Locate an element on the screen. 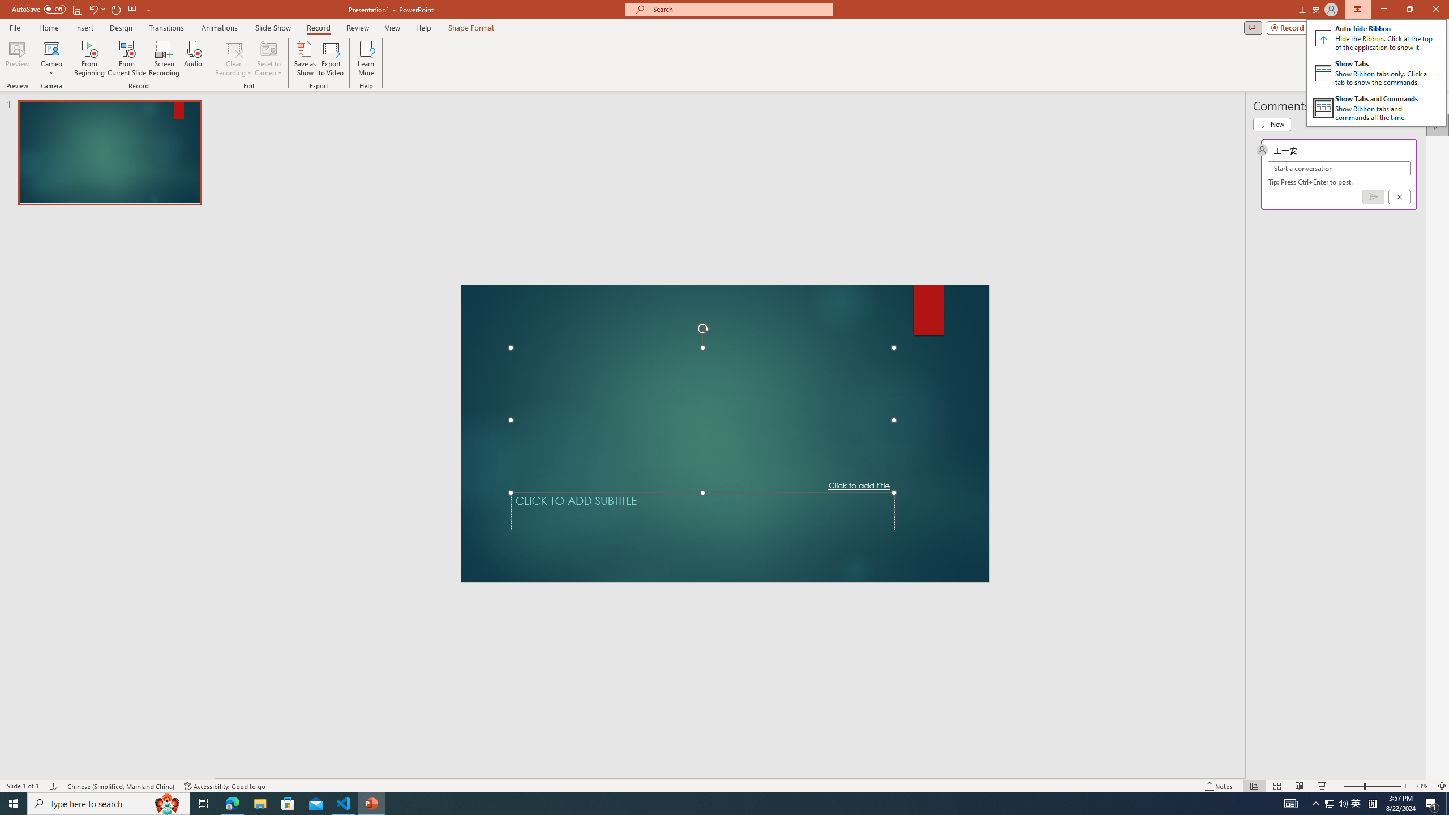 This screenshot has height=815, width=1449. 'From Beginning...' is located at coordinates (88, 58).